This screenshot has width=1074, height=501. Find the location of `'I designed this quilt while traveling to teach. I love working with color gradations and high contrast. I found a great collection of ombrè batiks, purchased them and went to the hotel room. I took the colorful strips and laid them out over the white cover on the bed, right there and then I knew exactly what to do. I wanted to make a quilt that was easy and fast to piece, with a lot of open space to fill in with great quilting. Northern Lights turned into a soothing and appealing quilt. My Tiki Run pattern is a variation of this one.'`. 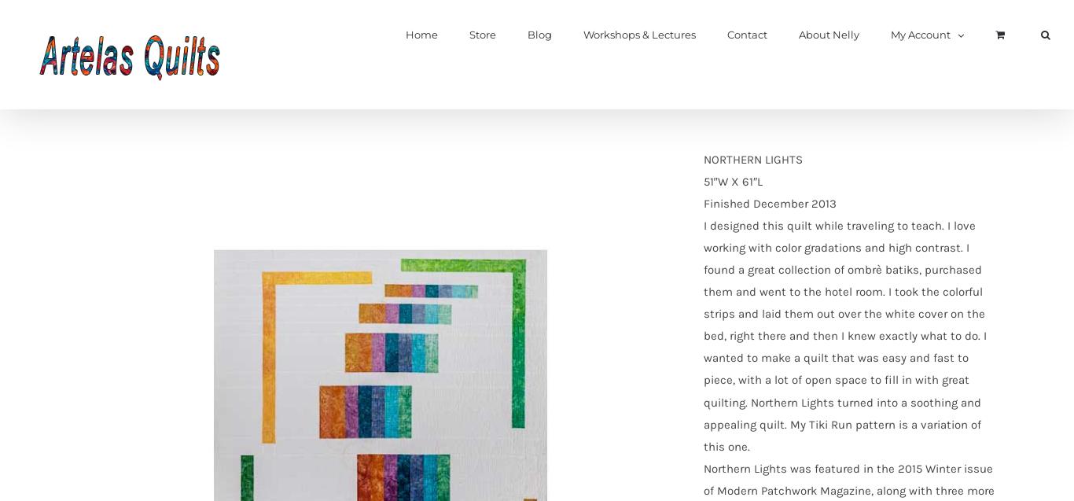

'I designed this quilt while traveling to teach. I love working with color gradations and high contrast. I found a great collection of ombrè batiks, purchased them and went to the hotel room. I took the colorful strips and laid them out over the white cover on the bed, right there and then I knew exactly what to do. I wanted to make a quilt that was easy and fast to piece, with a lot of open space to fill in with great quilting. Northern Lights turned into a soothing and appealing quilt. My Tiki Run pattern is a variation of this one.' is located at coordinates (843, 334).